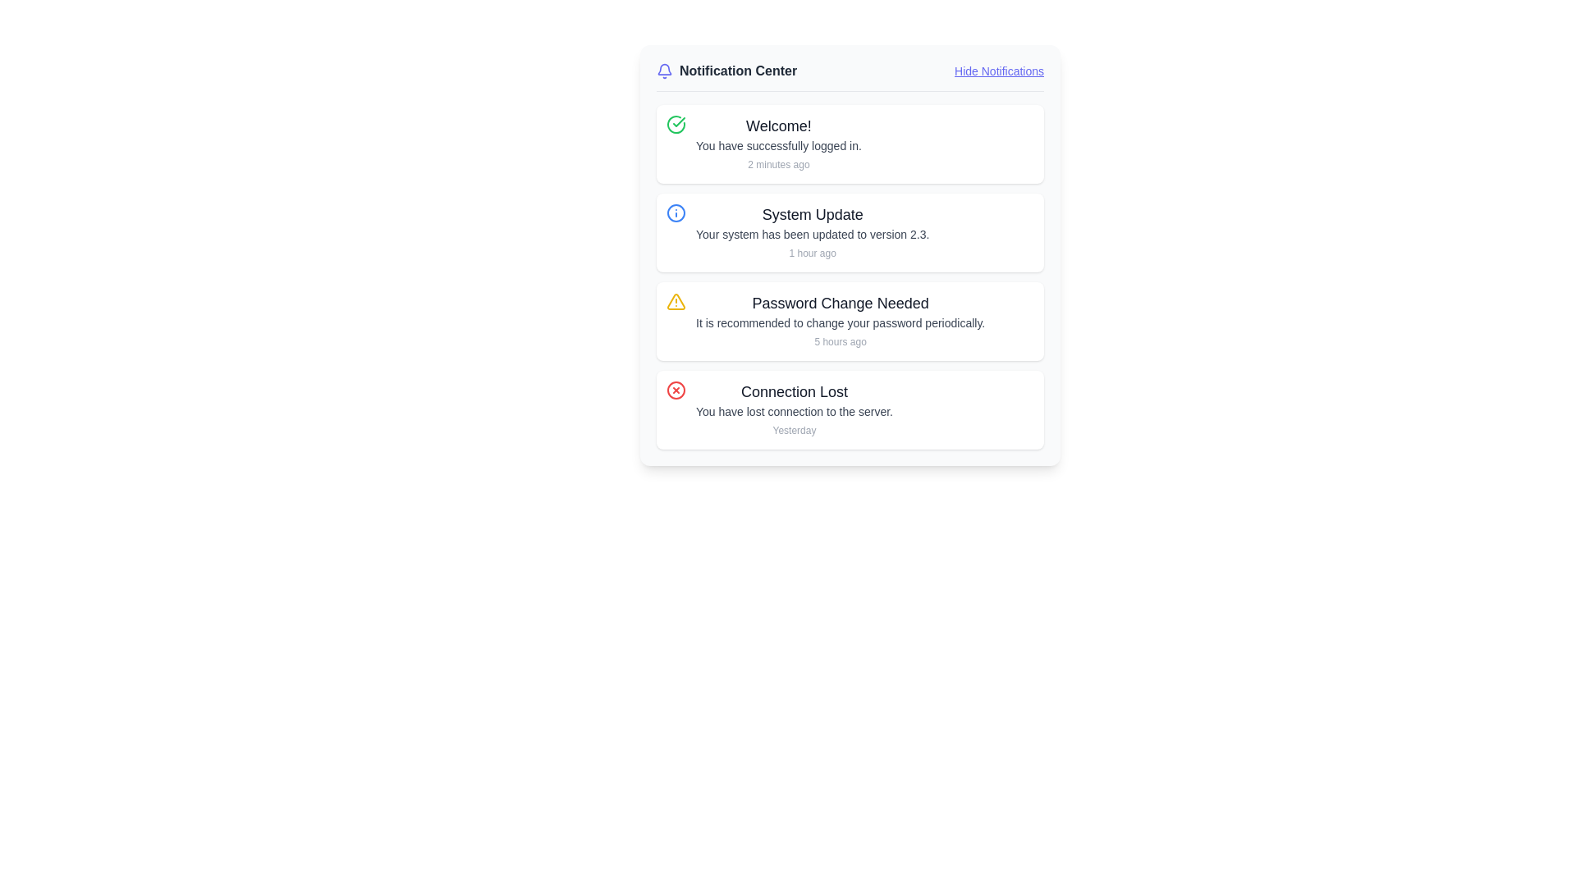  I want to click on the small gray text label reading '1 hour ago', which is located at the bottom-right of the notification content block for 'System Update', so click(813, 253).